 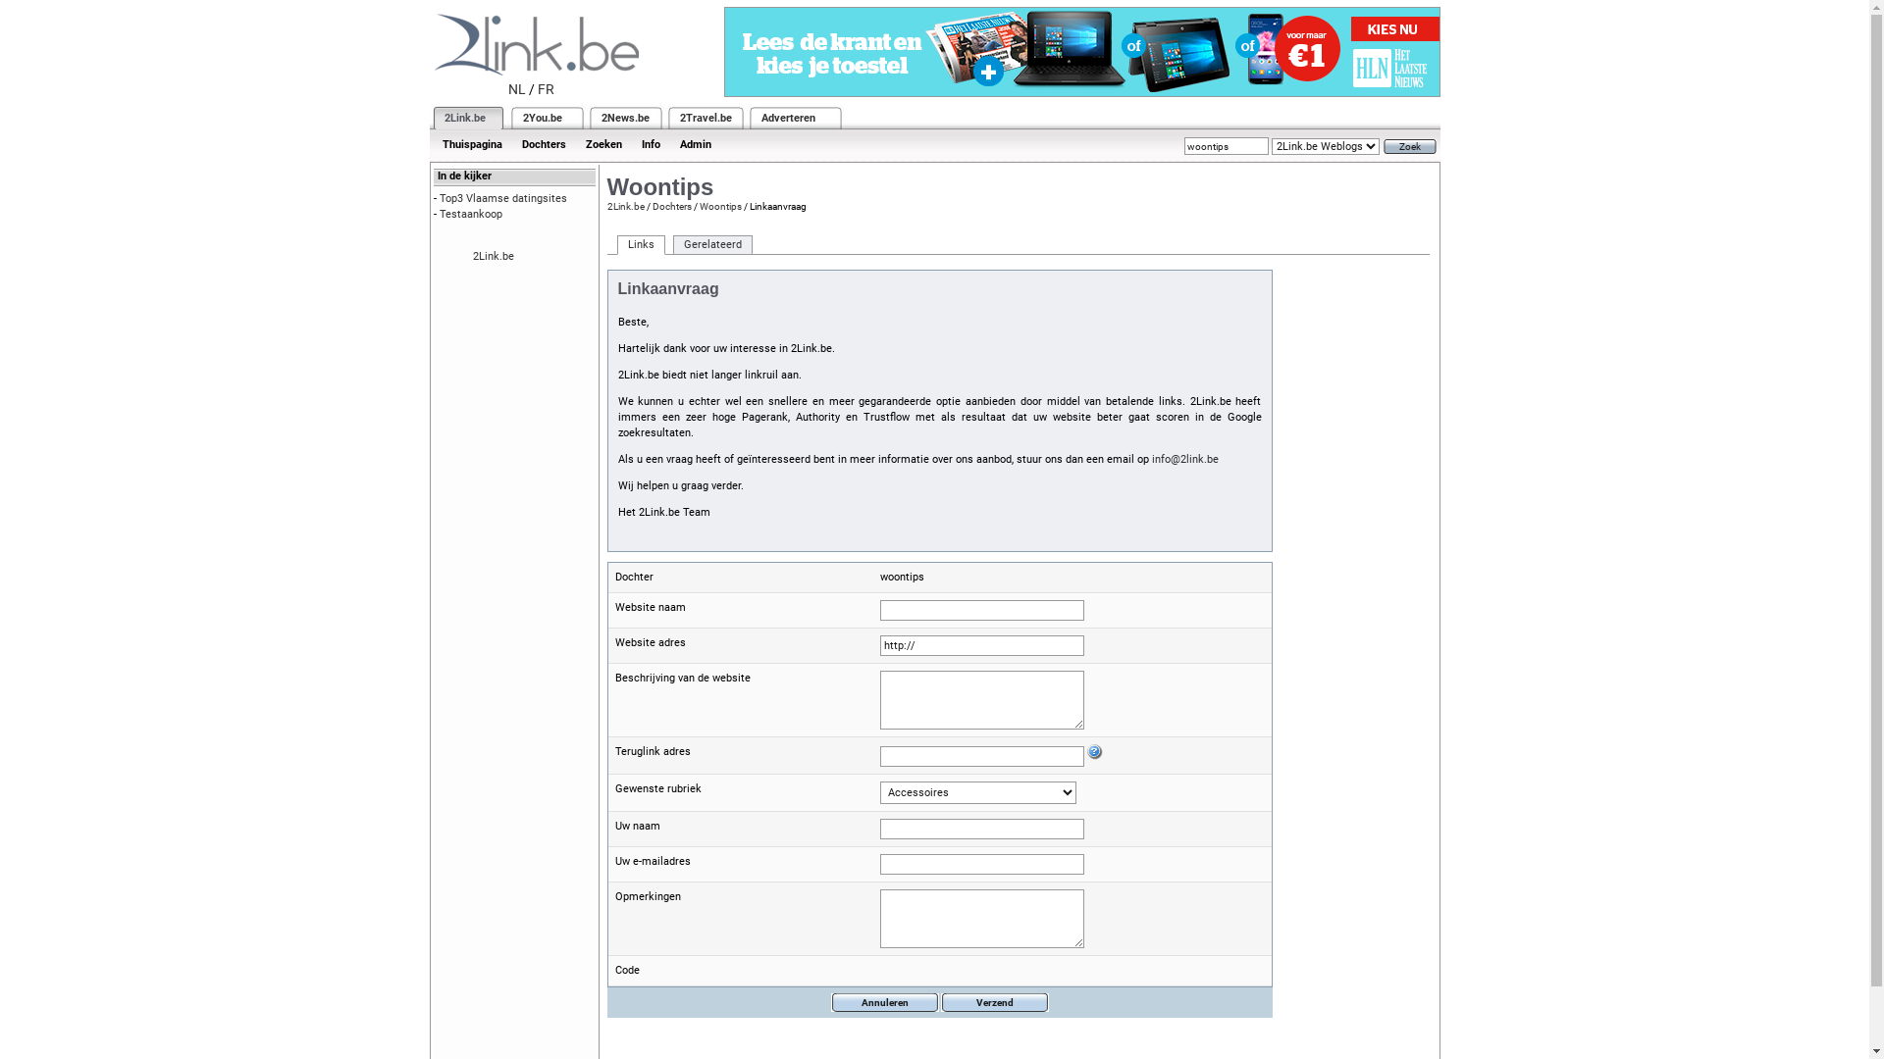 What do you see at coordinates (1408, 145) in the screenshot?
I see `'Zoek'` at bounding box center [1408, 145].